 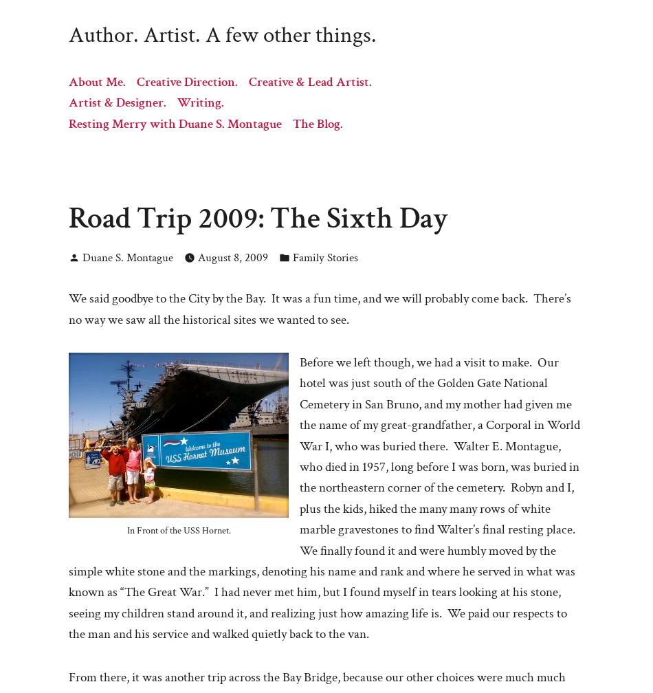 I want to click on 'Creative & Lead Artist.', so click(x=248, y=81).